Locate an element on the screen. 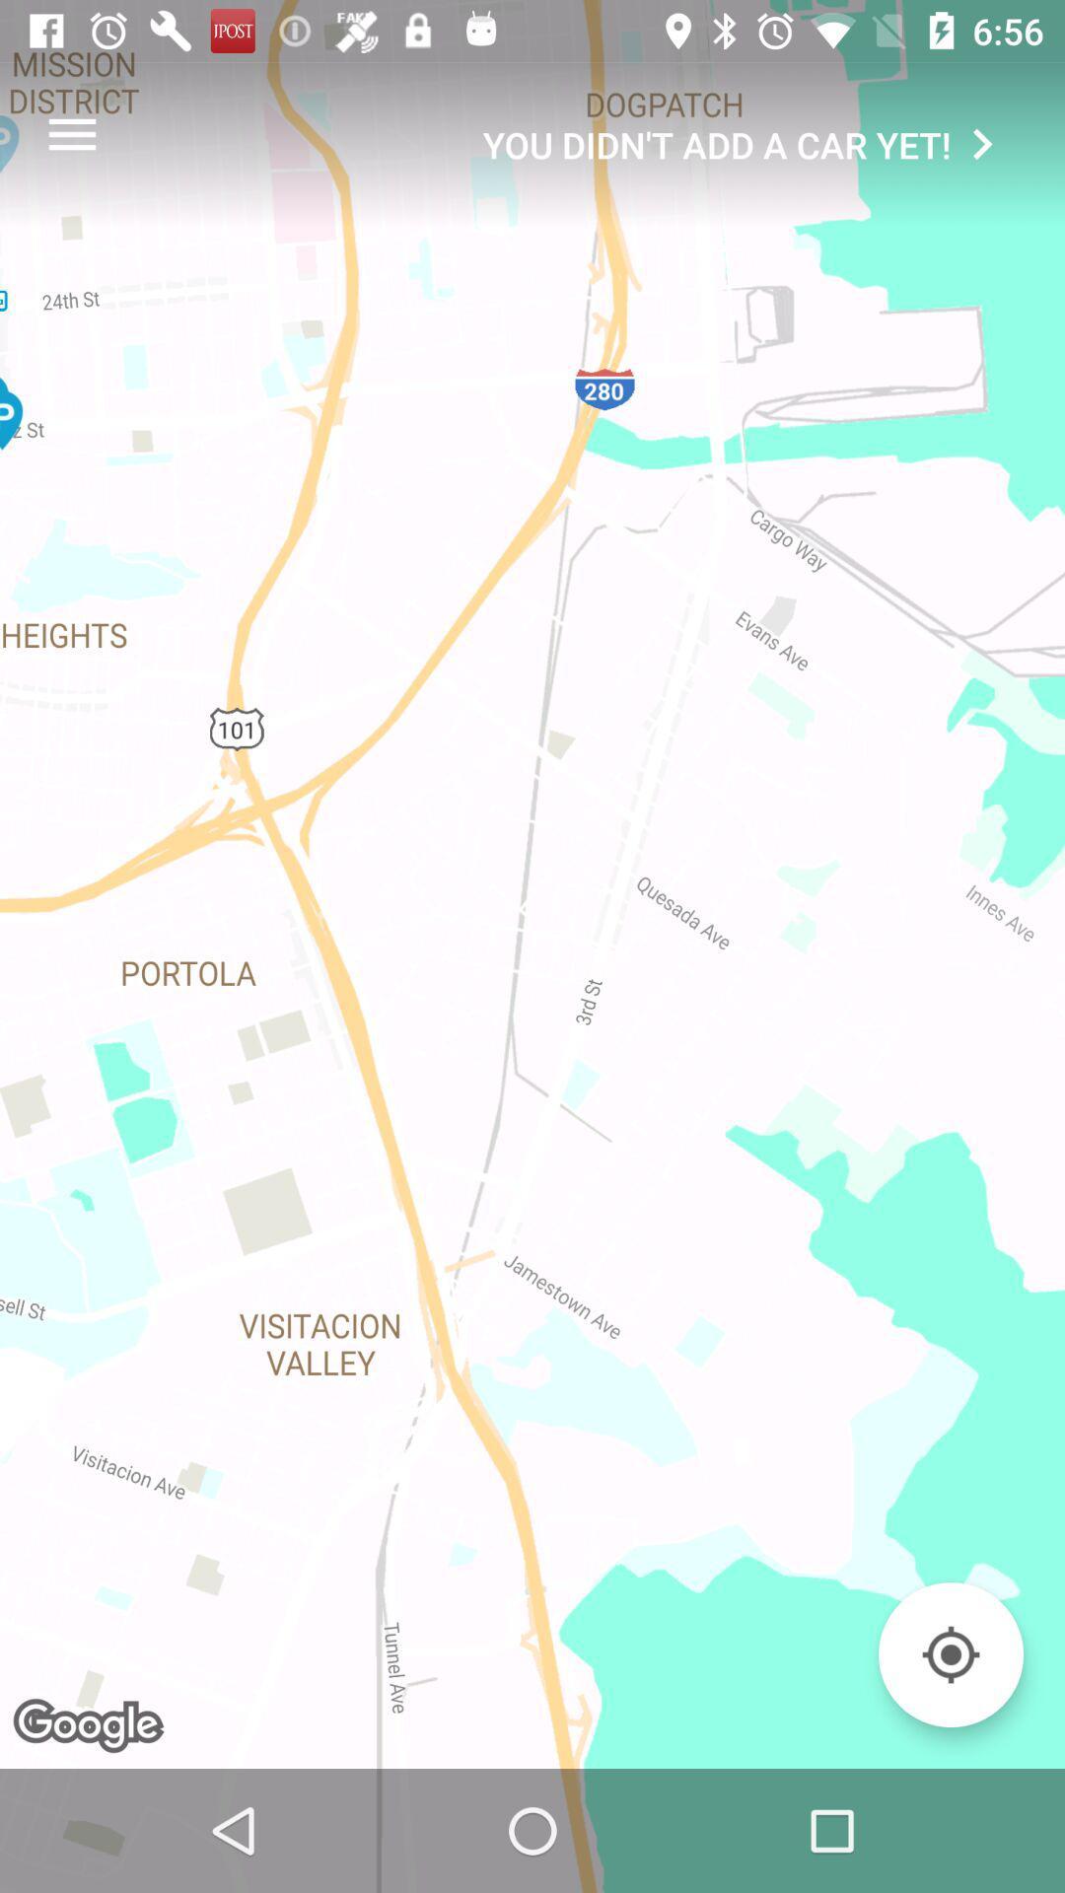  the item below the you didn t item is located at coordinates (950, 1654).